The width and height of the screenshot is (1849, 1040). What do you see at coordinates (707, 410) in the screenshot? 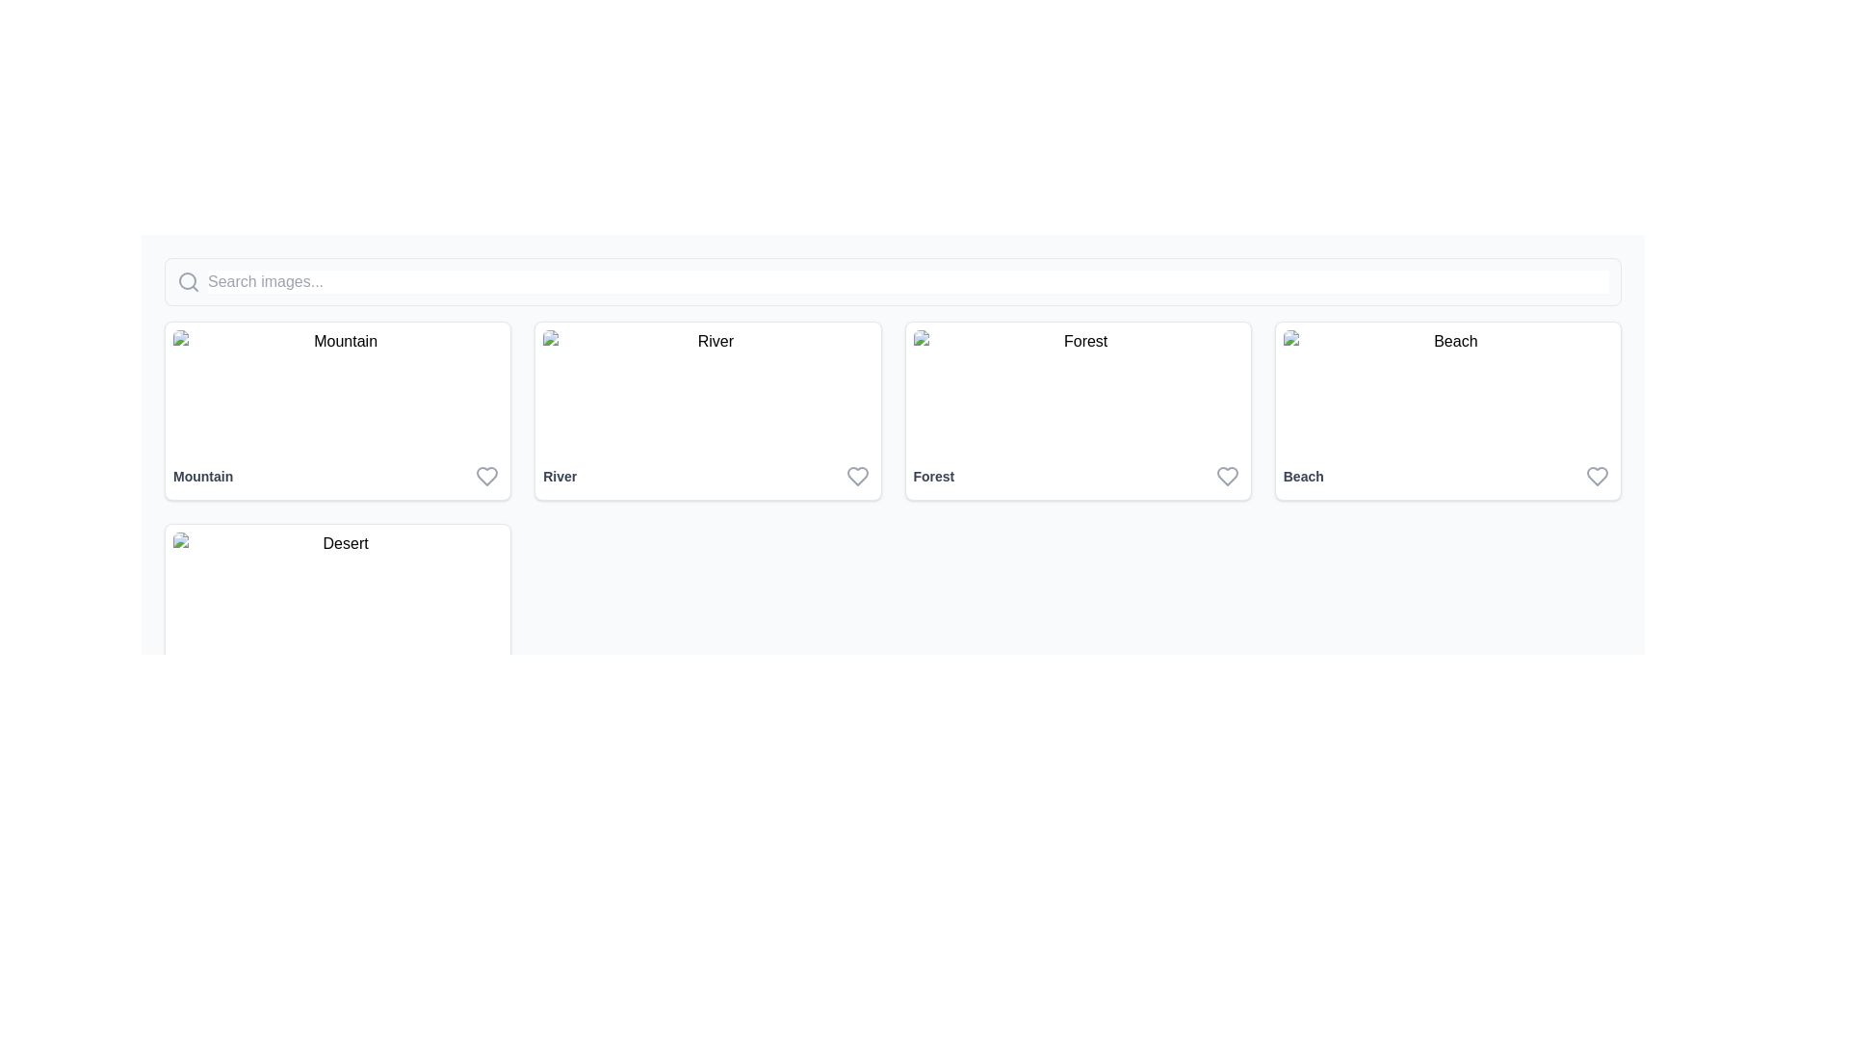
I see `the interactive card labeled 'River'` at bounding box center [707, 410].